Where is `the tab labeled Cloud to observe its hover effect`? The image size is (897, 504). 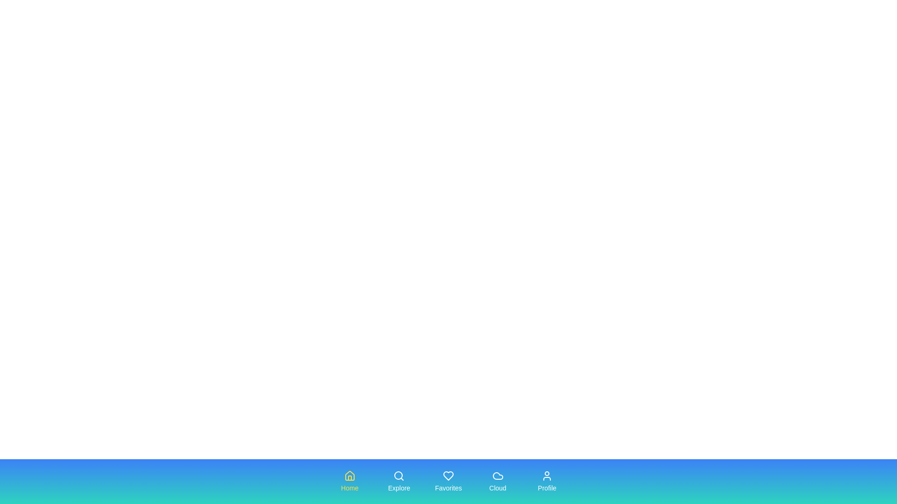 the tab labeled Cloud to observe its hover effect is located at coordinates (497, 482).